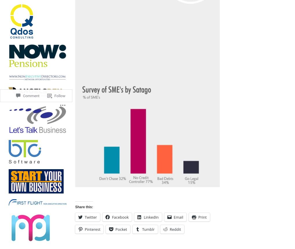 The image size is (295, 249). I want to click on 'Follow', so click(59, 74).